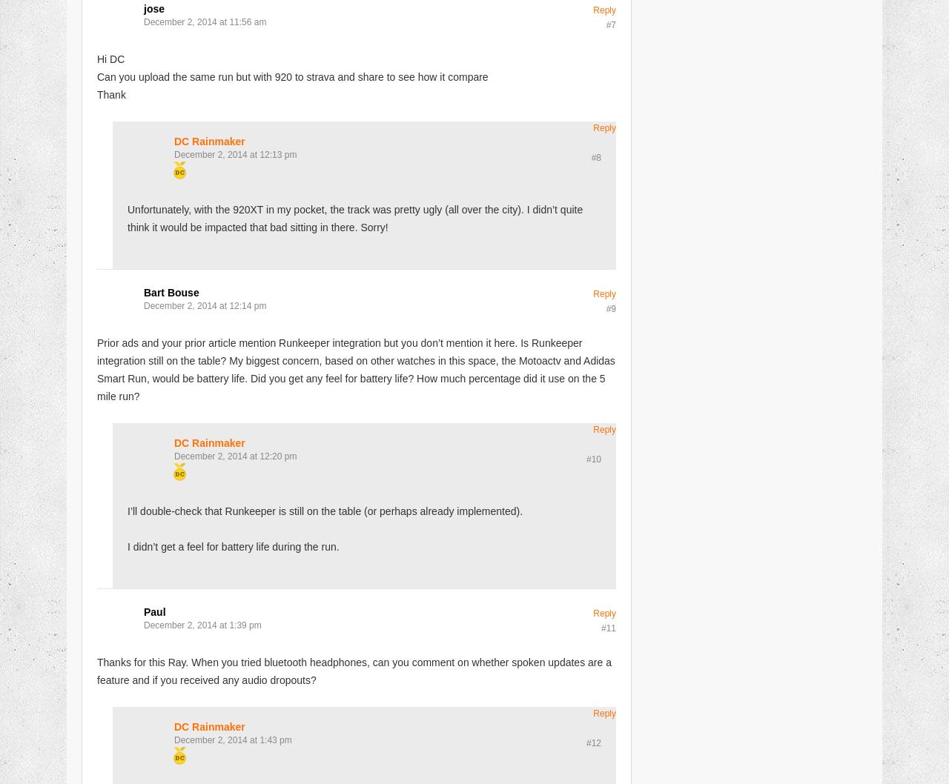  Describe the element at coordinates (154, 611) in the screenshot. I see `'Paul'` at that location.